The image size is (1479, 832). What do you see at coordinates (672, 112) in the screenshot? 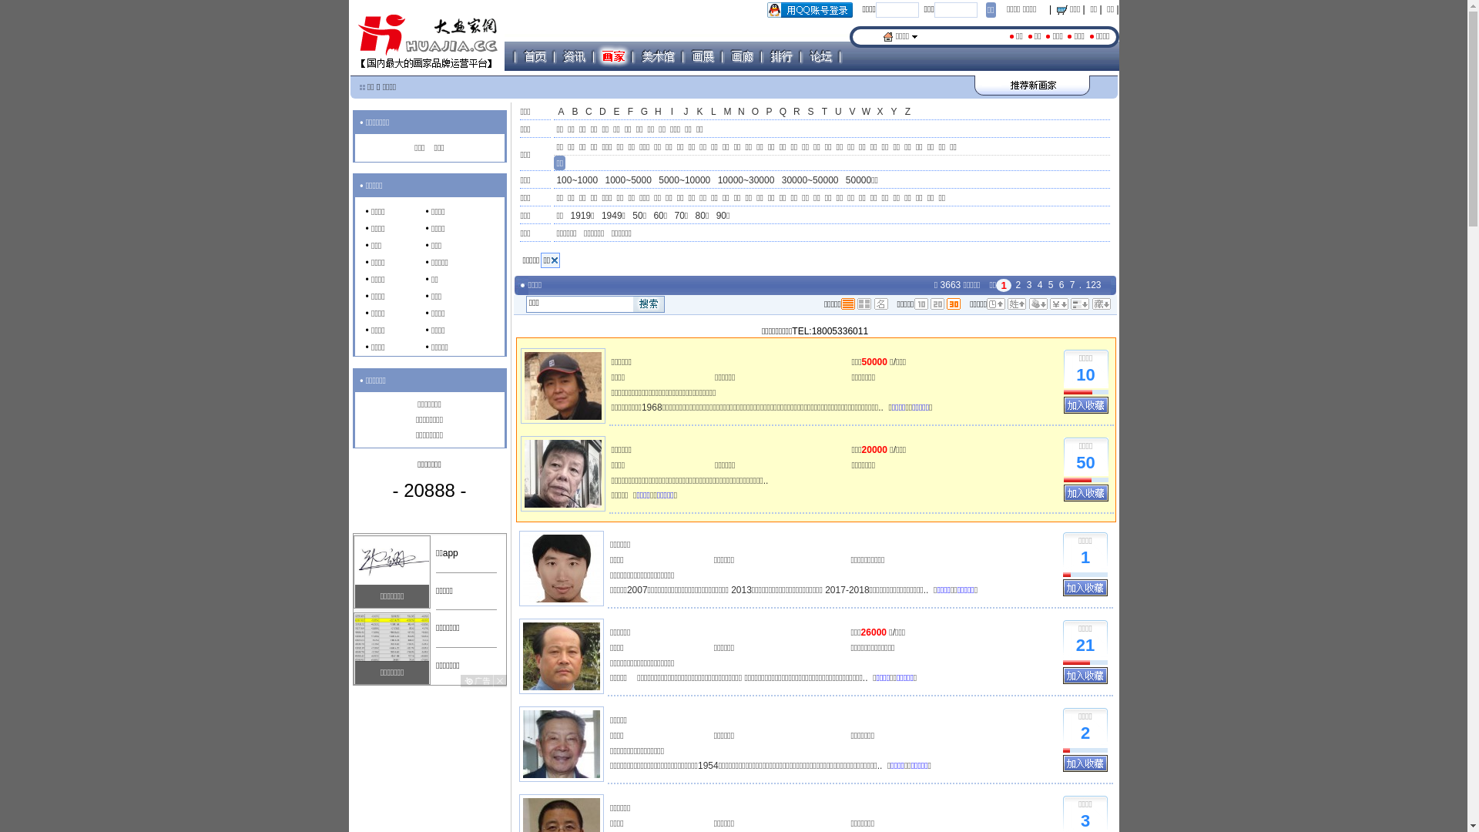
I see `'I'` at bounding box center [672, 112].